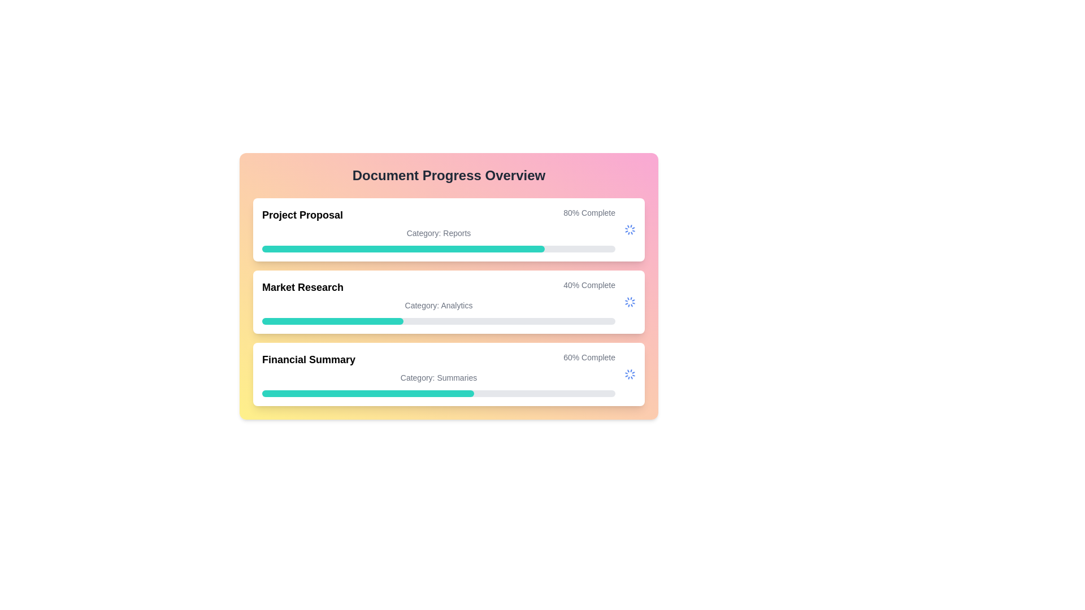  What do you see at coordinates (303, 287) in the screenshot?
I see `the non-interactive Text Label indicating 'Market Research', which serves as a title or header, positioned between 'Project Proposal' and 'Financial Summary'` at bounding box center [303, 287].